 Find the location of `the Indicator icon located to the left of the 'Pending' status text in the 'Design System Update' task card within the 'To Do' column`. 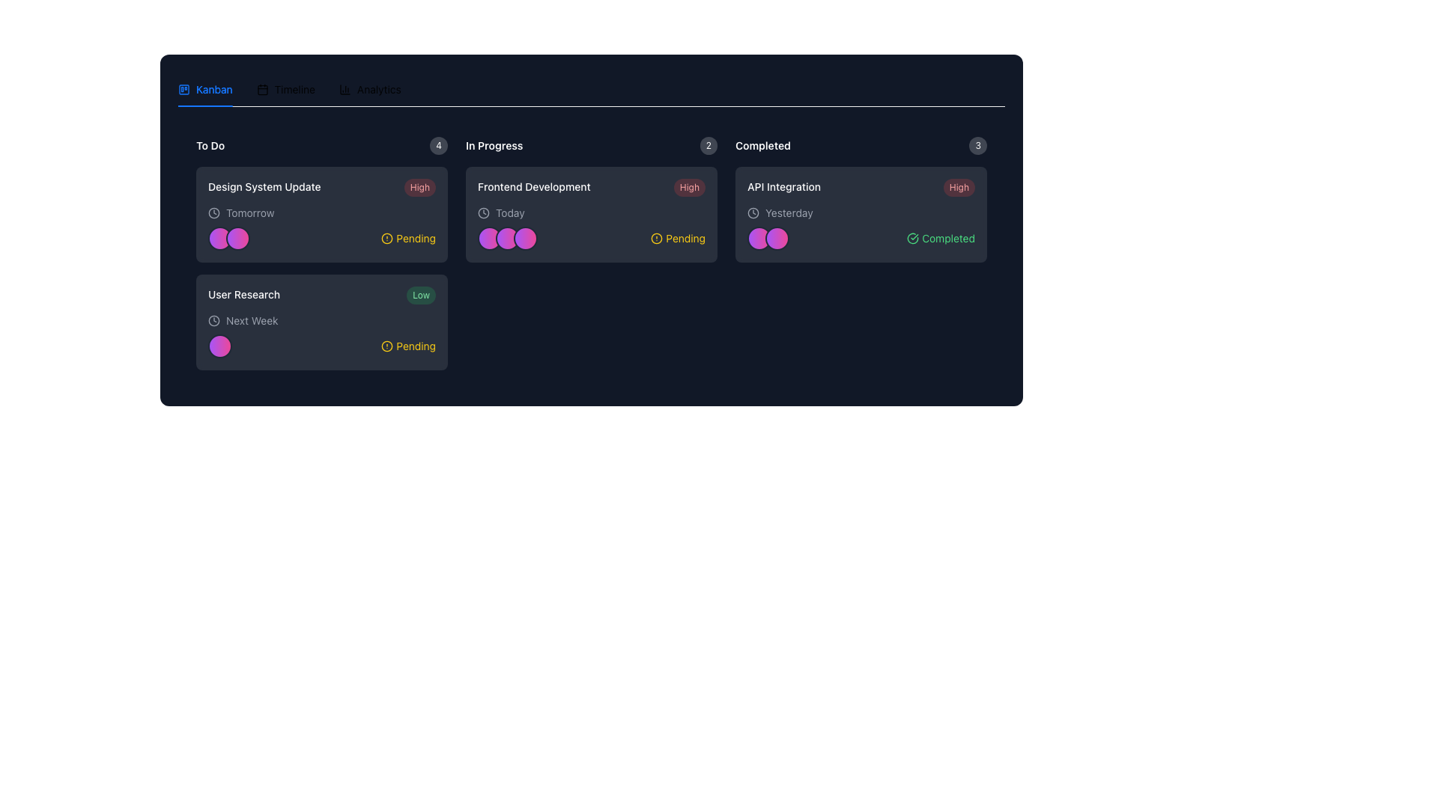

the Indicator icon located to the left of the 'Pending' status text in the 'Design System Update' task card within the 'To Do' column is located at coordinates (387, 238).